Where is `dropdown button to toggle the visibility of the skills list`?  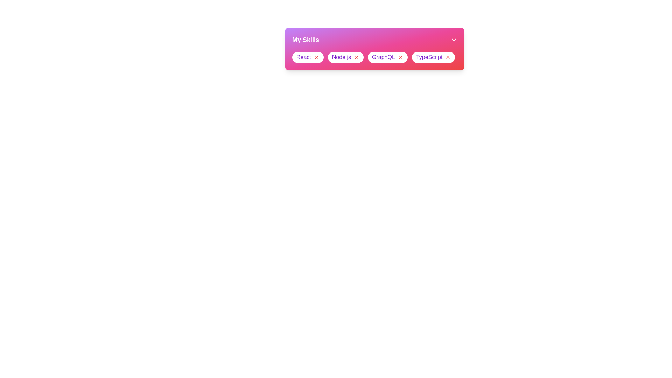
dropdown button to toggle the visibility of the skills list is located at coordinates (454, 40).